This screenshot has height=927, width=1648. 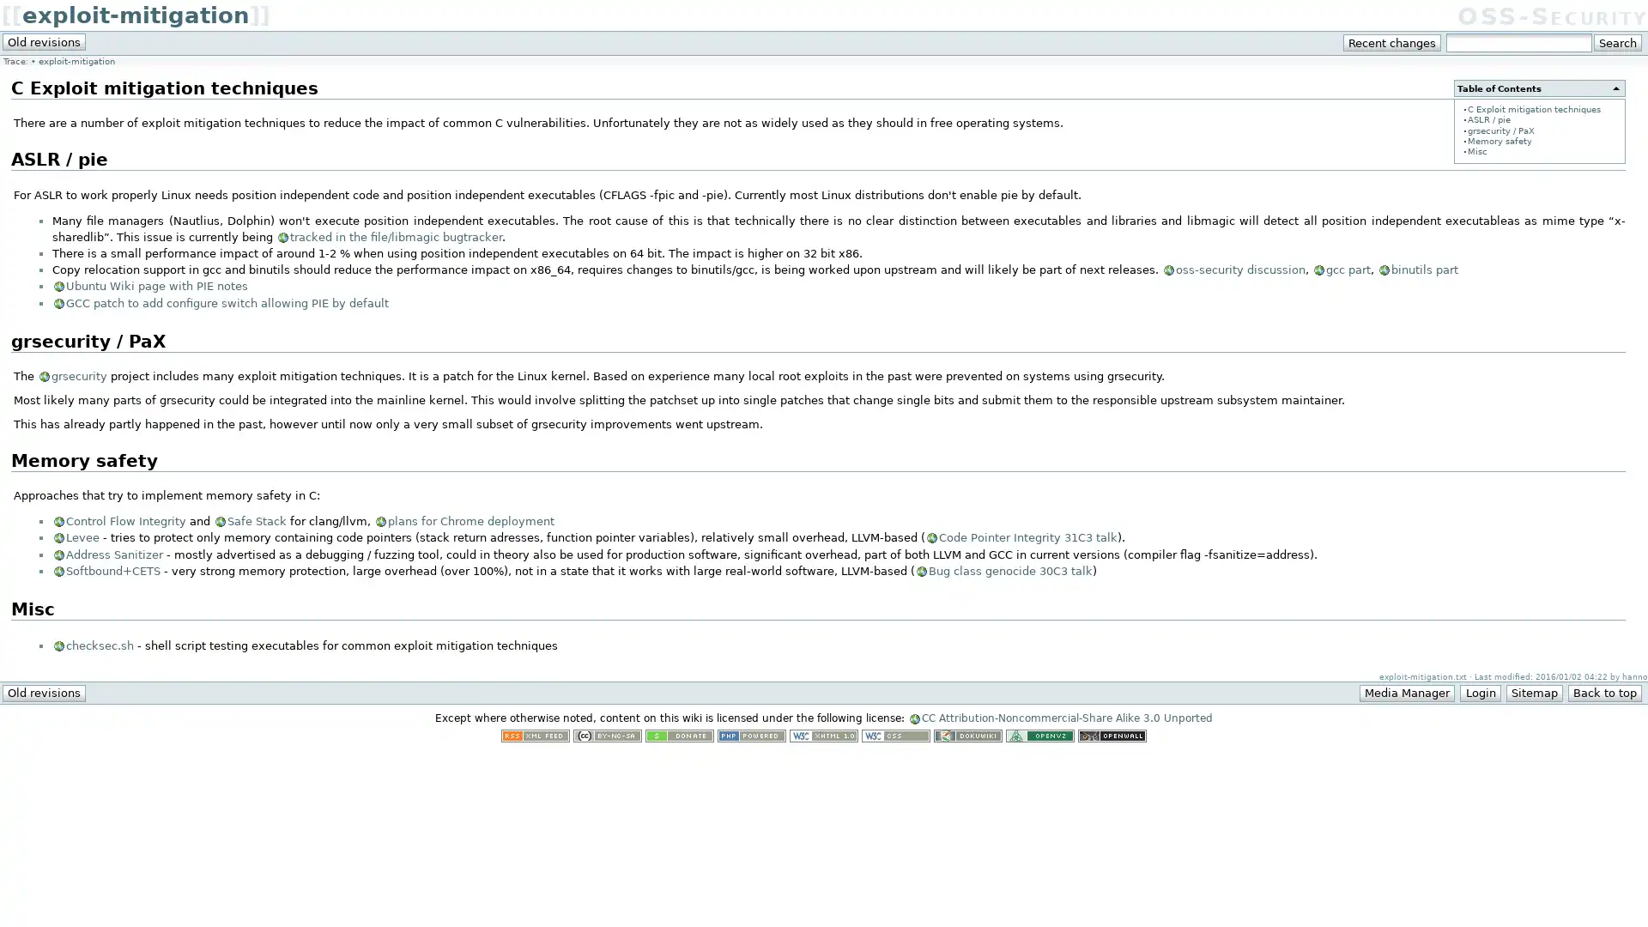 I want to click on Recent changes, so click(x=1392, y=42).